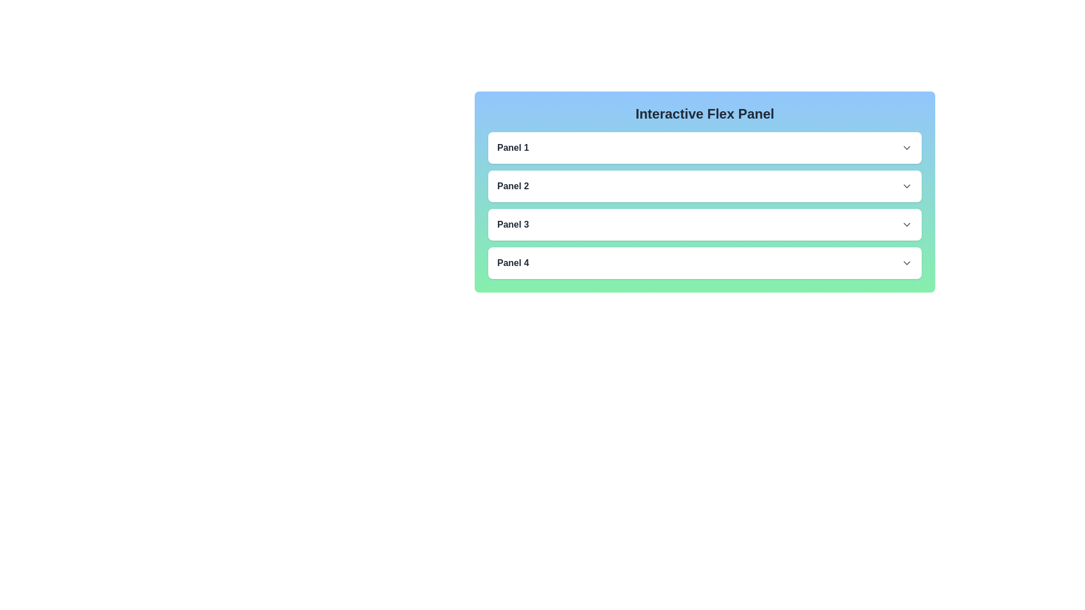 The image size is (1085, 610). What do you see at coordinates (906, 186) in the screenshot?
I see `the downward-facing chevron arrow icon located at the far right of the 'Panel 2' section` at bounding box center [906, 186].